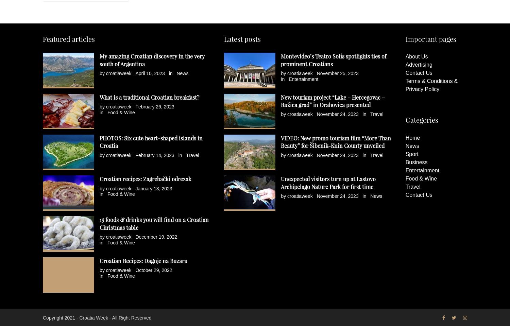 Image resolution: width=510 pixels, height=326 pixels. What do you see at coordinates (99, 260) in the screenshot?
I see `'Croatian Recipes: Dagnje na Buzaru'` at bounding box center [99, 260].